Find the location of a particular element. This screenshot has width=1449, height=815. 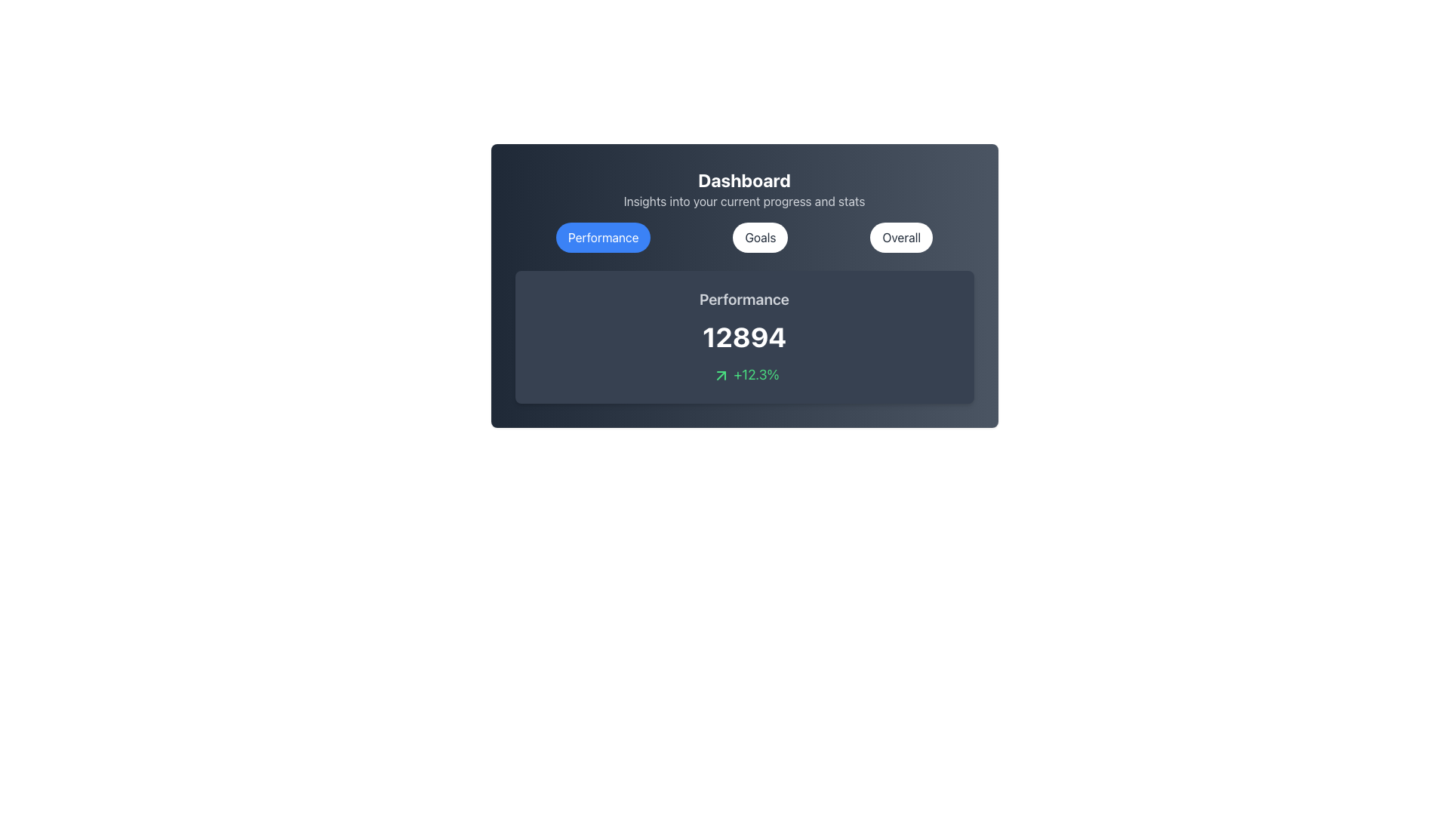

the 'Goals' button, which is positioned between the 'Performance' button (blue) and the 'Overall' button (white) in the button group beneath the 'Dashboard' heading is located at coordinates (761, 238).